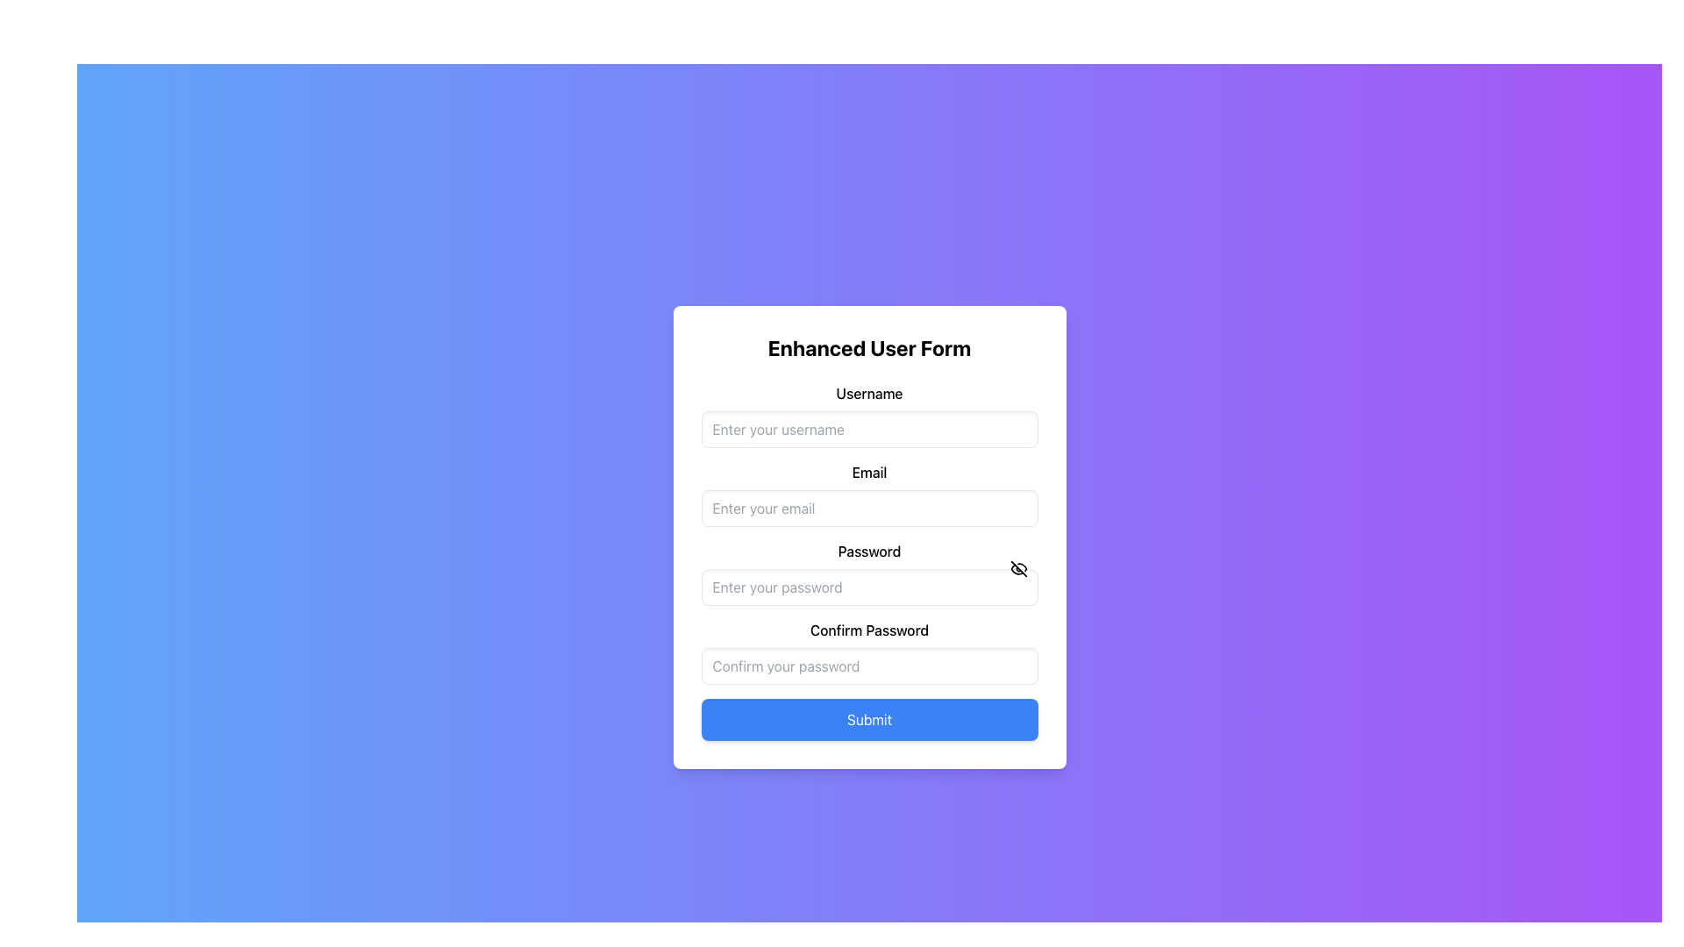 The height and width of the screenshot is (947, 1684). I want to click on the text label that describes the email input field, located in the middle section of the form, directly above the input field labeled 'Enter your email', so click(869, 472).